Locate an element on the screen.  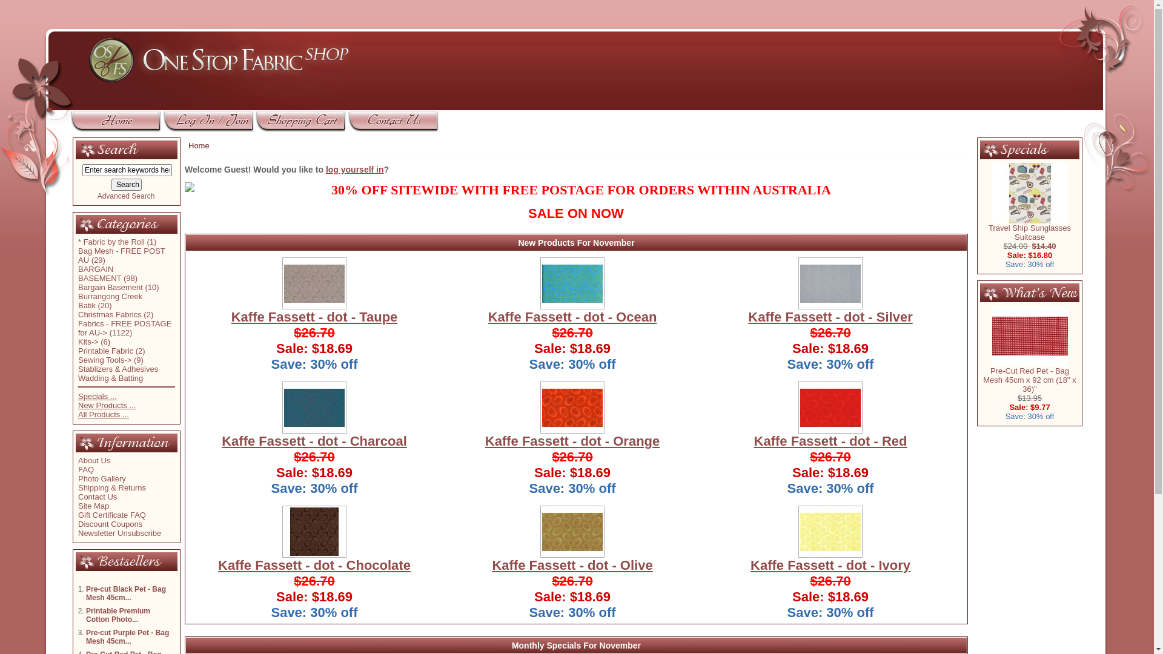
'Shipping & Returns' is located at coordinates (78, 487).